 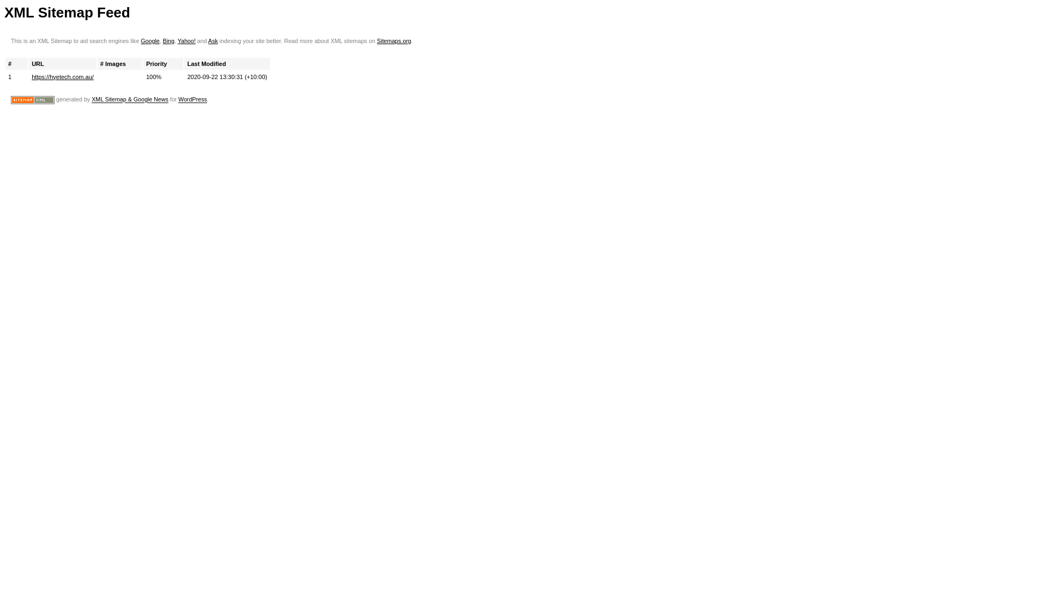 I want to click on 'XML Sitemap & Google News', so click(x=130, y=99).